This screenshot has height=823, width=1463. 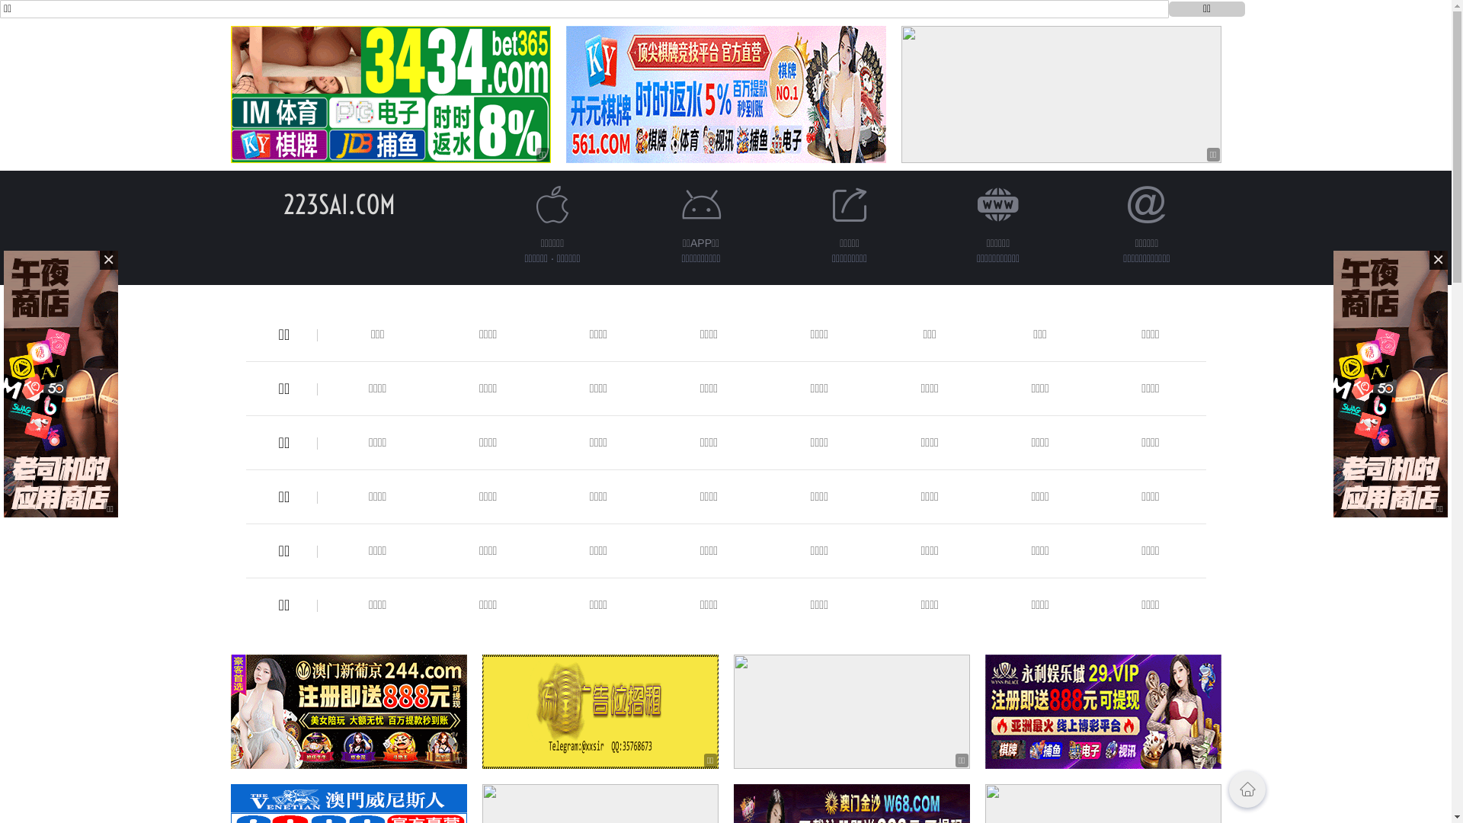 I want to click on '223SAI.COM', so click(x=338, y=203).